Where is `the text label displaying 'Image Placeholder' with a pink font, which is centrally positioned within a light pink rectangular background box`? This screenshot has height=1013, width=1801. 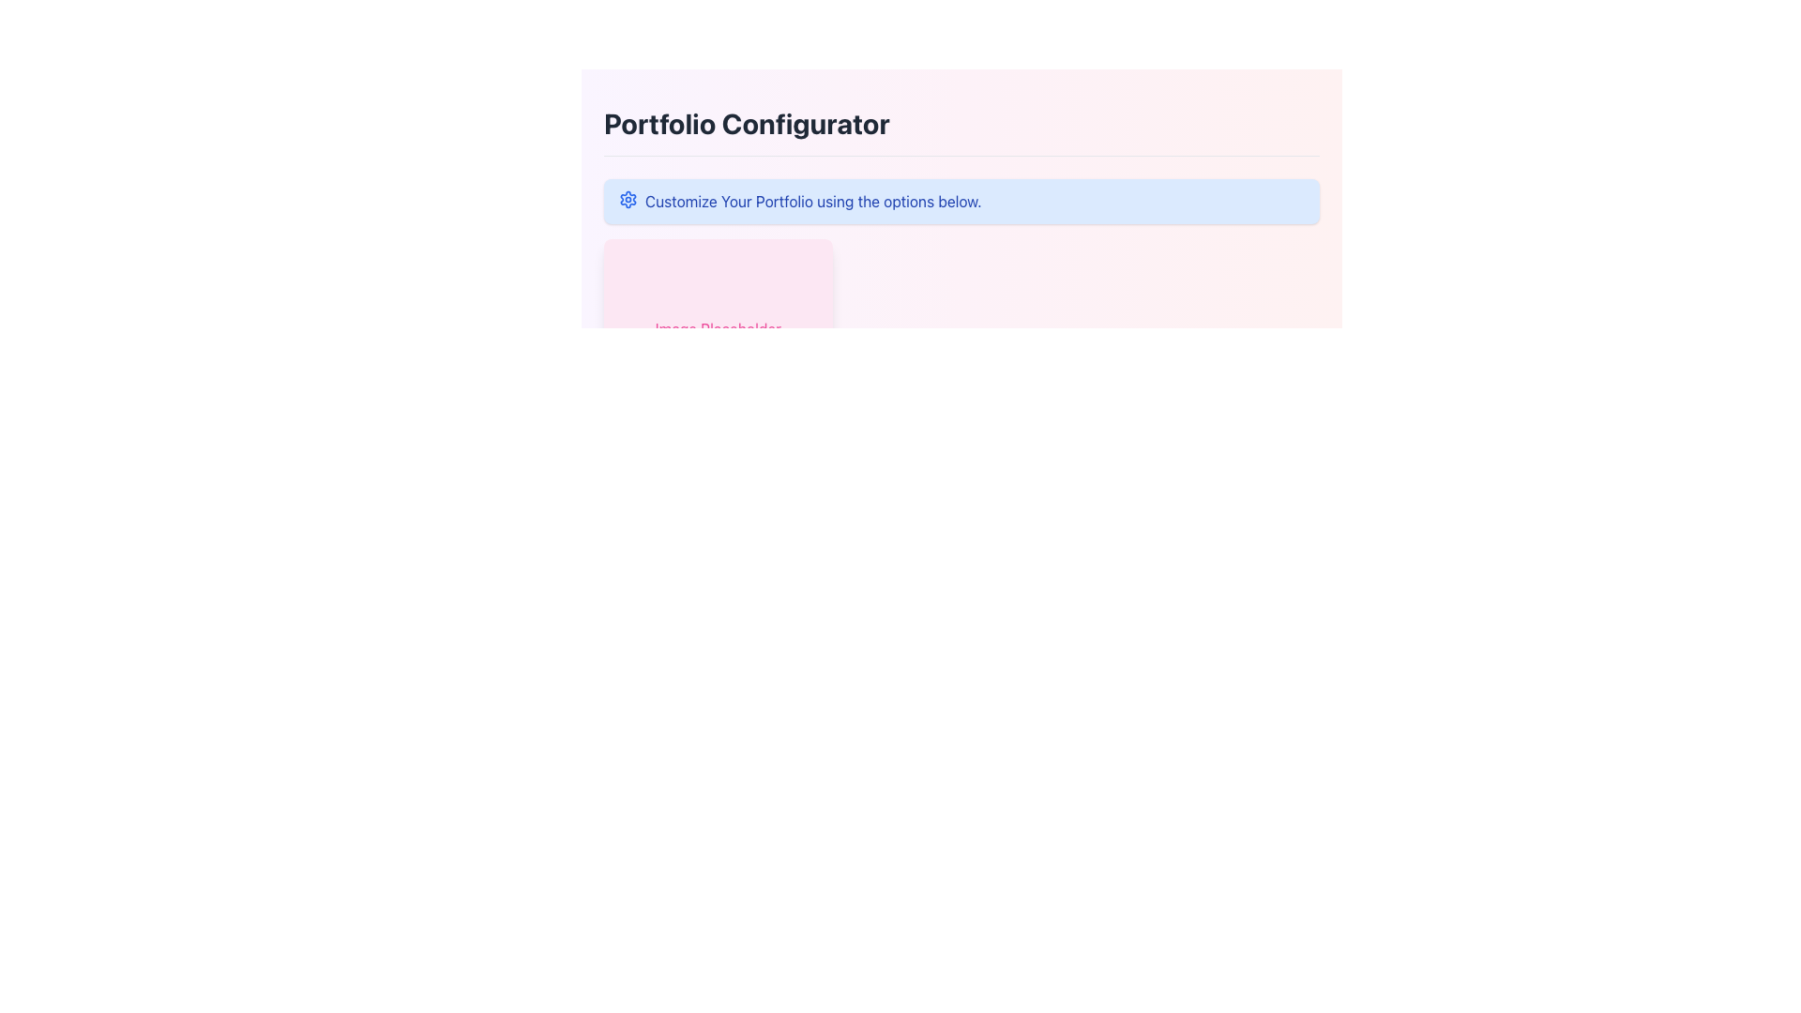 the text label displaying 'Image Placeholder' with a pink font, which is centrally positioned within a light pink rectangular background box is located at coordinates (717, 328).